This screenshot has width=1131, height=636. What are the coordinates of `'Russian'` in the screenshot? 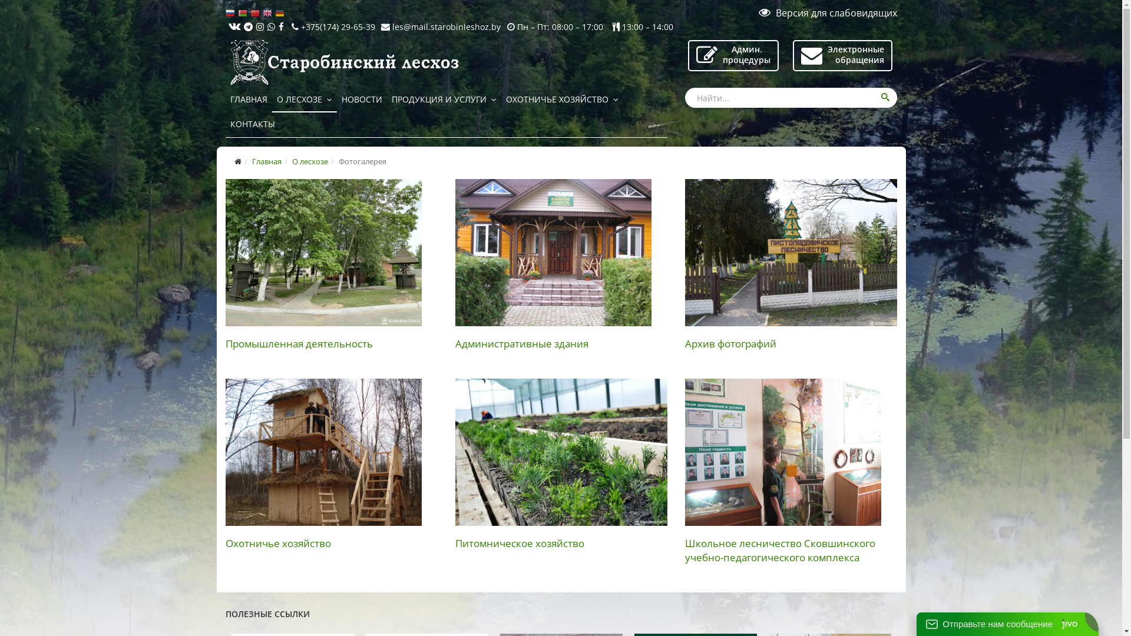 It's located at (231, 12).